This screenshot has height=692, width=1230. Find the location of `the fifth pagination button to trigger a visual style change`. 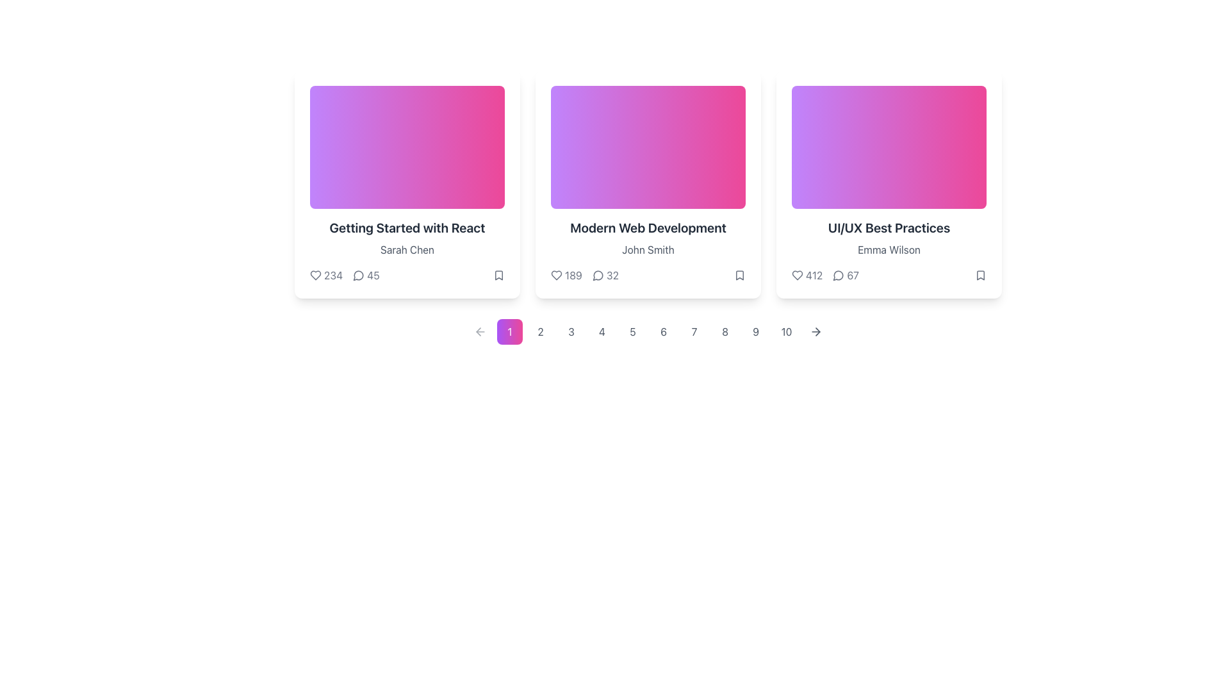

the fifth pagination button to trigger a visual style change is located at coordinates (633, 331).